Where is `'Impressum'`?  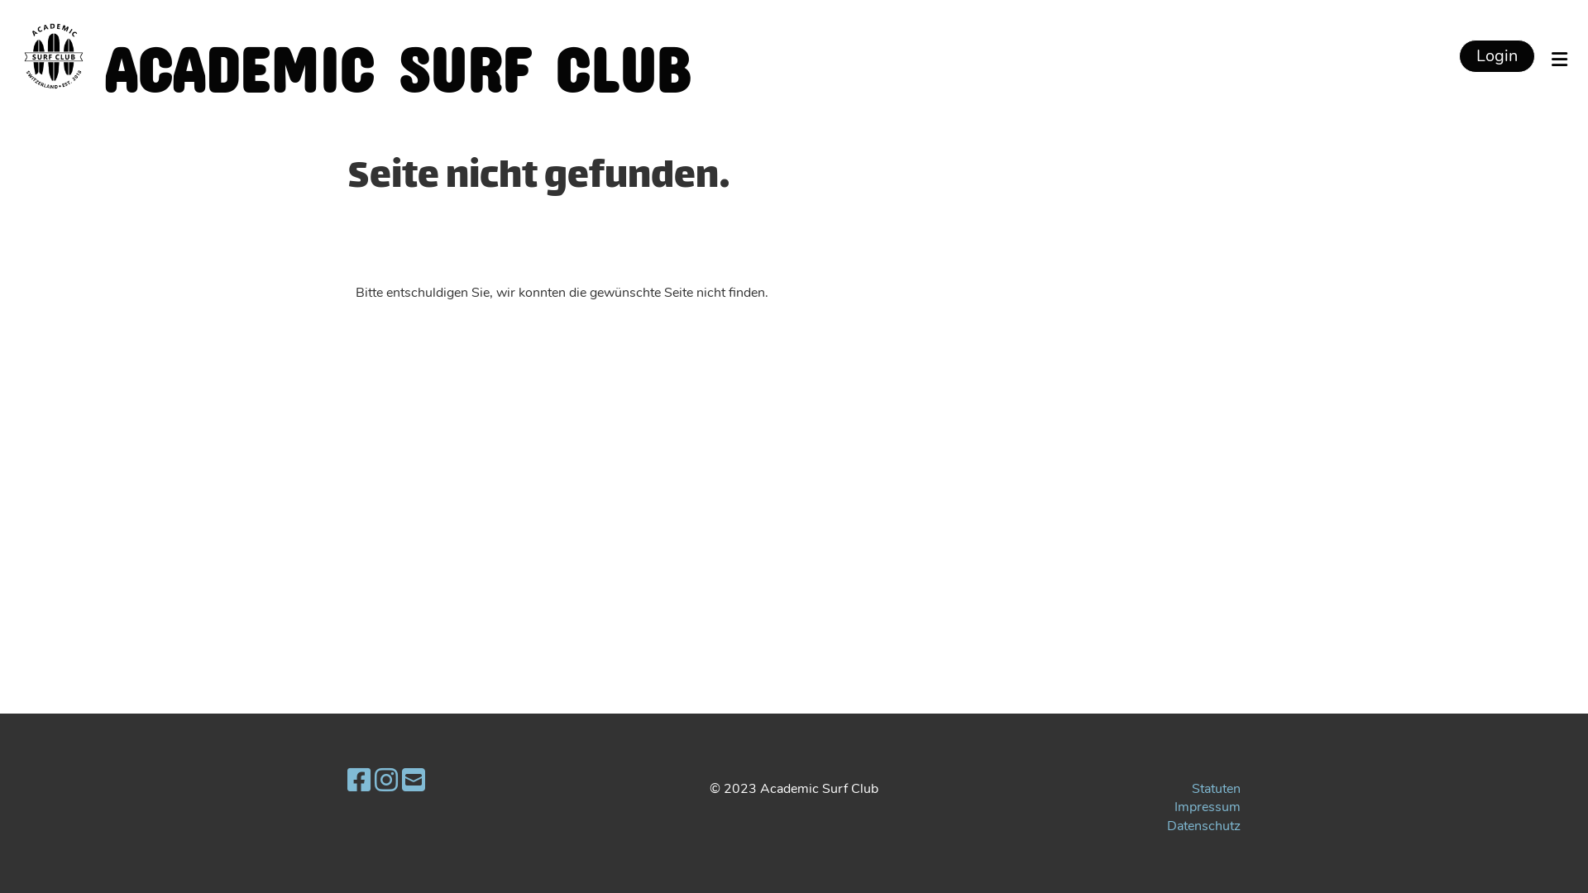
'Impressum' is located at coordinates (1207, 805).